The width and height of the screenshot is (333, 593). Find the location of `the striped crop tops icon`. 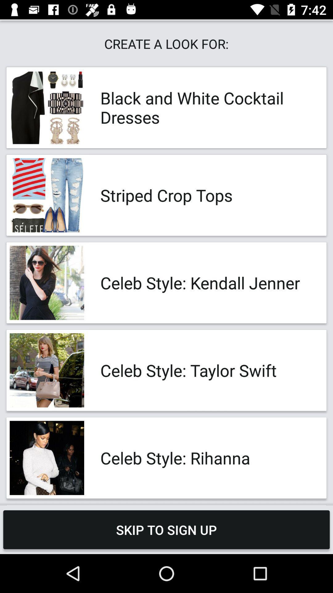

the striped crop tops icon is located at coordinates (207, 195).